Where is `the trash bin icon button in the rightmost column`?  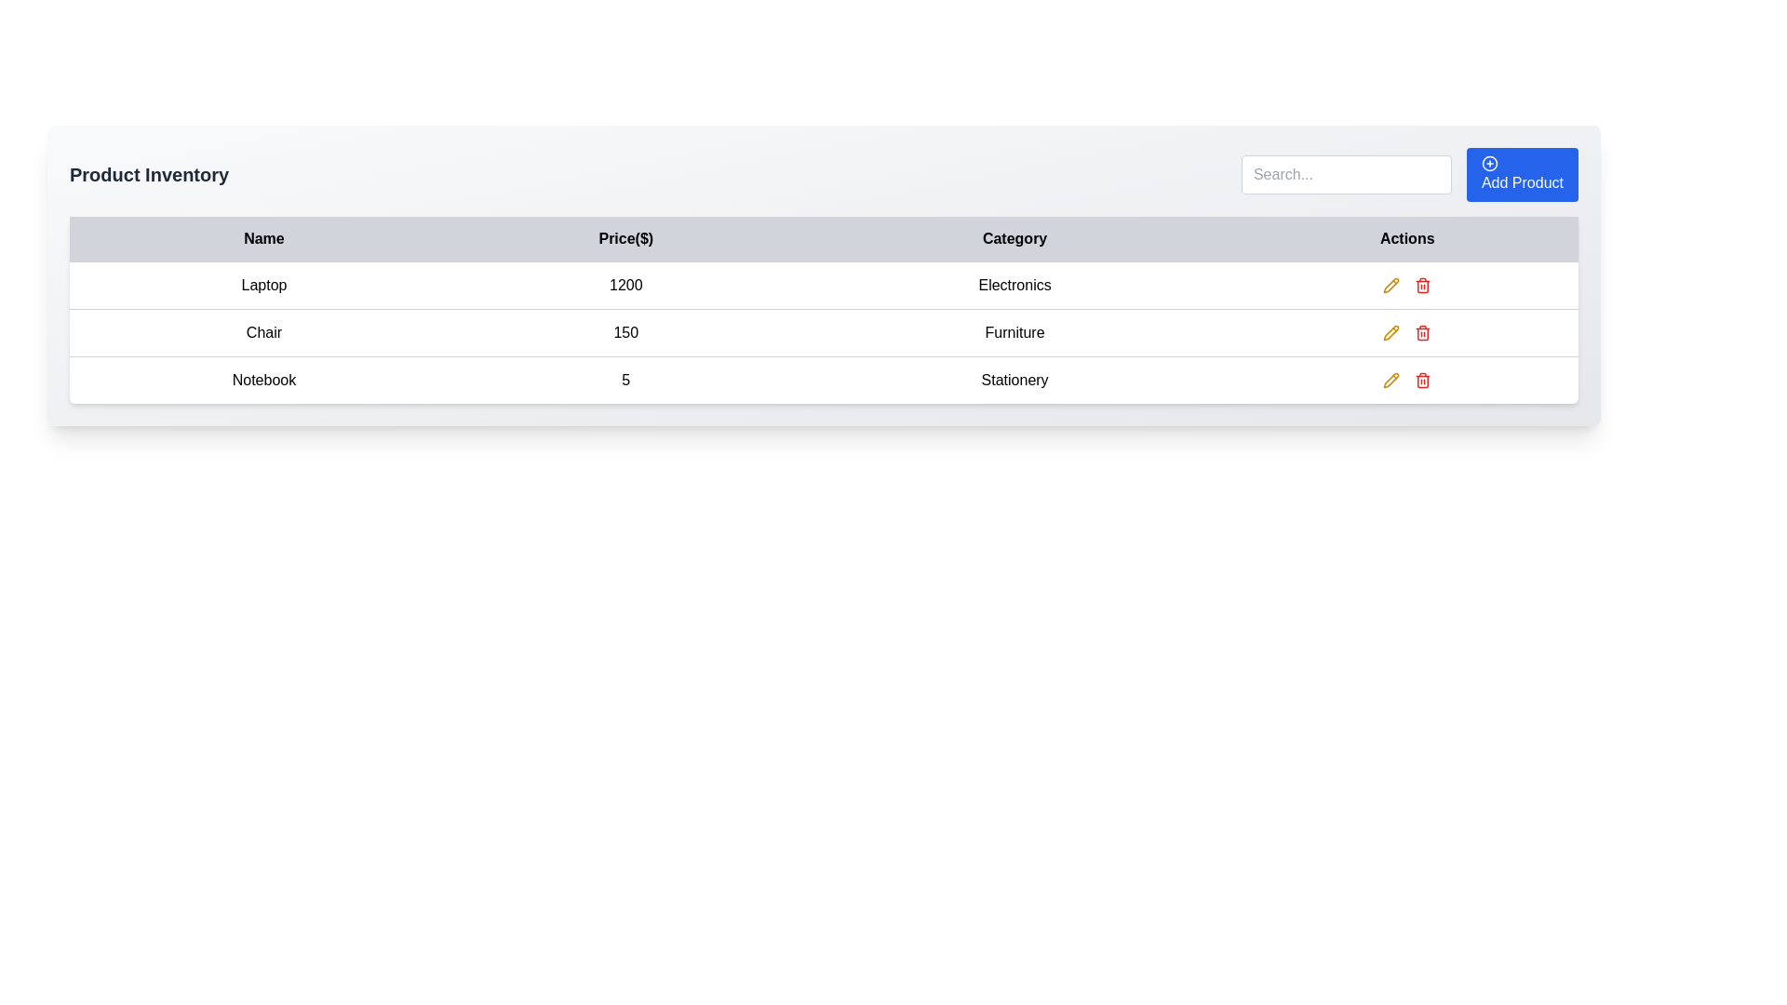
the trash bin icon button in the rightmost column is located at coordinates (1422, 332).